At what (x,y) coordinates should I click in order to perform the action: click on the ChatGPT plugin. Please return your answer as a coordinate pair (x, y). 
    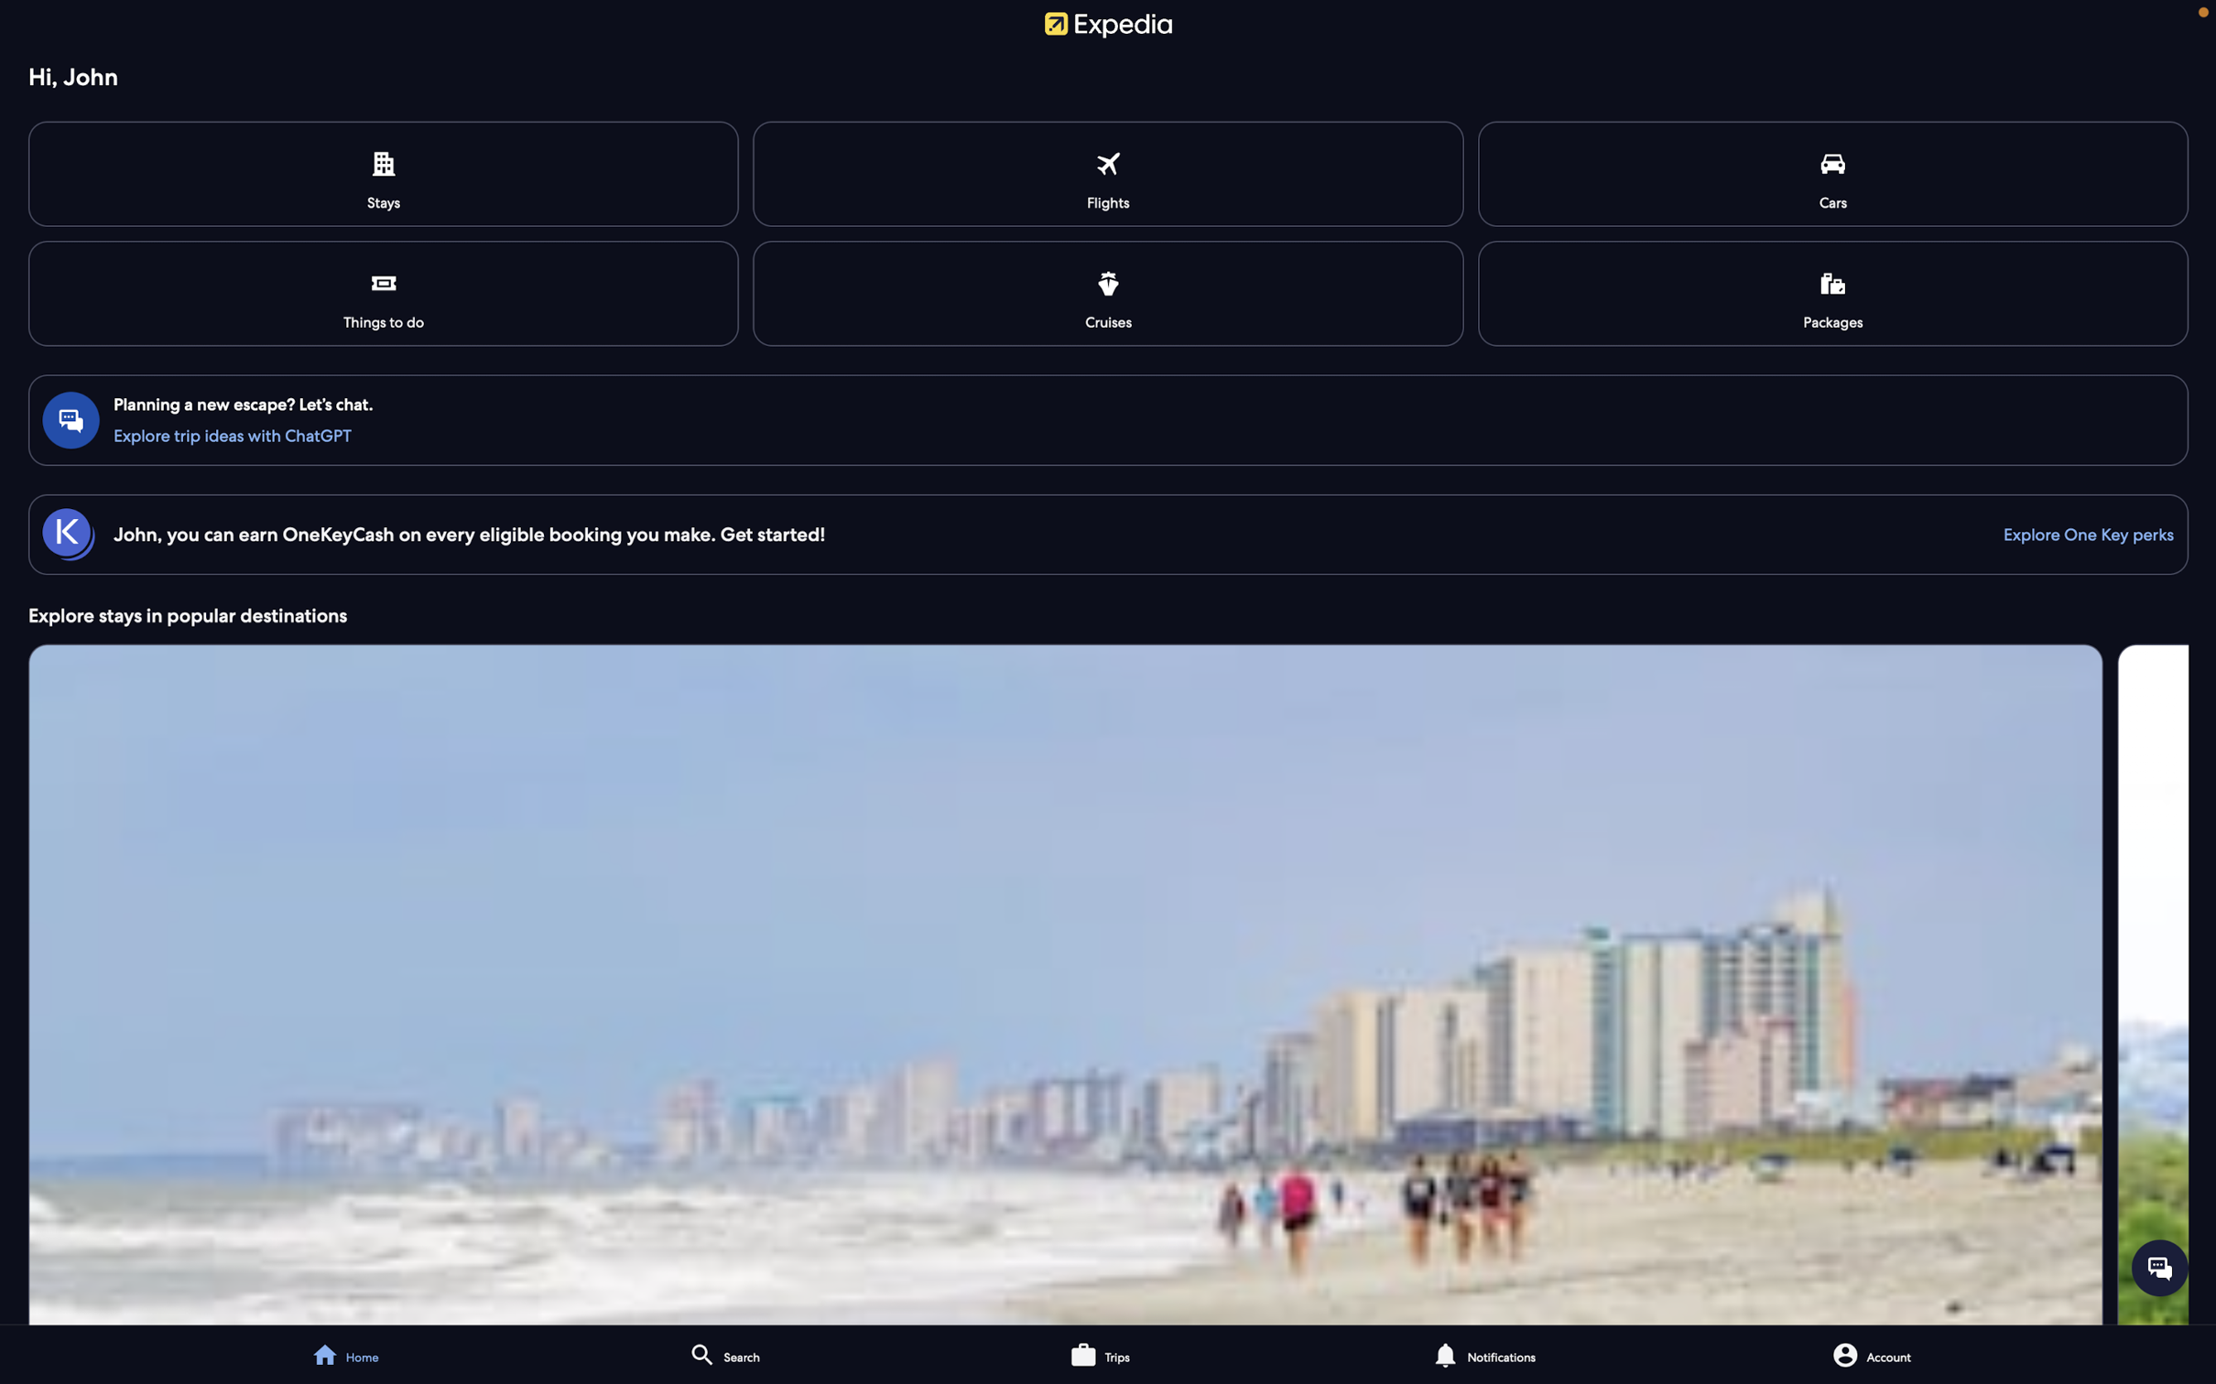
    Looking at the image, I should click on (1110, 433).